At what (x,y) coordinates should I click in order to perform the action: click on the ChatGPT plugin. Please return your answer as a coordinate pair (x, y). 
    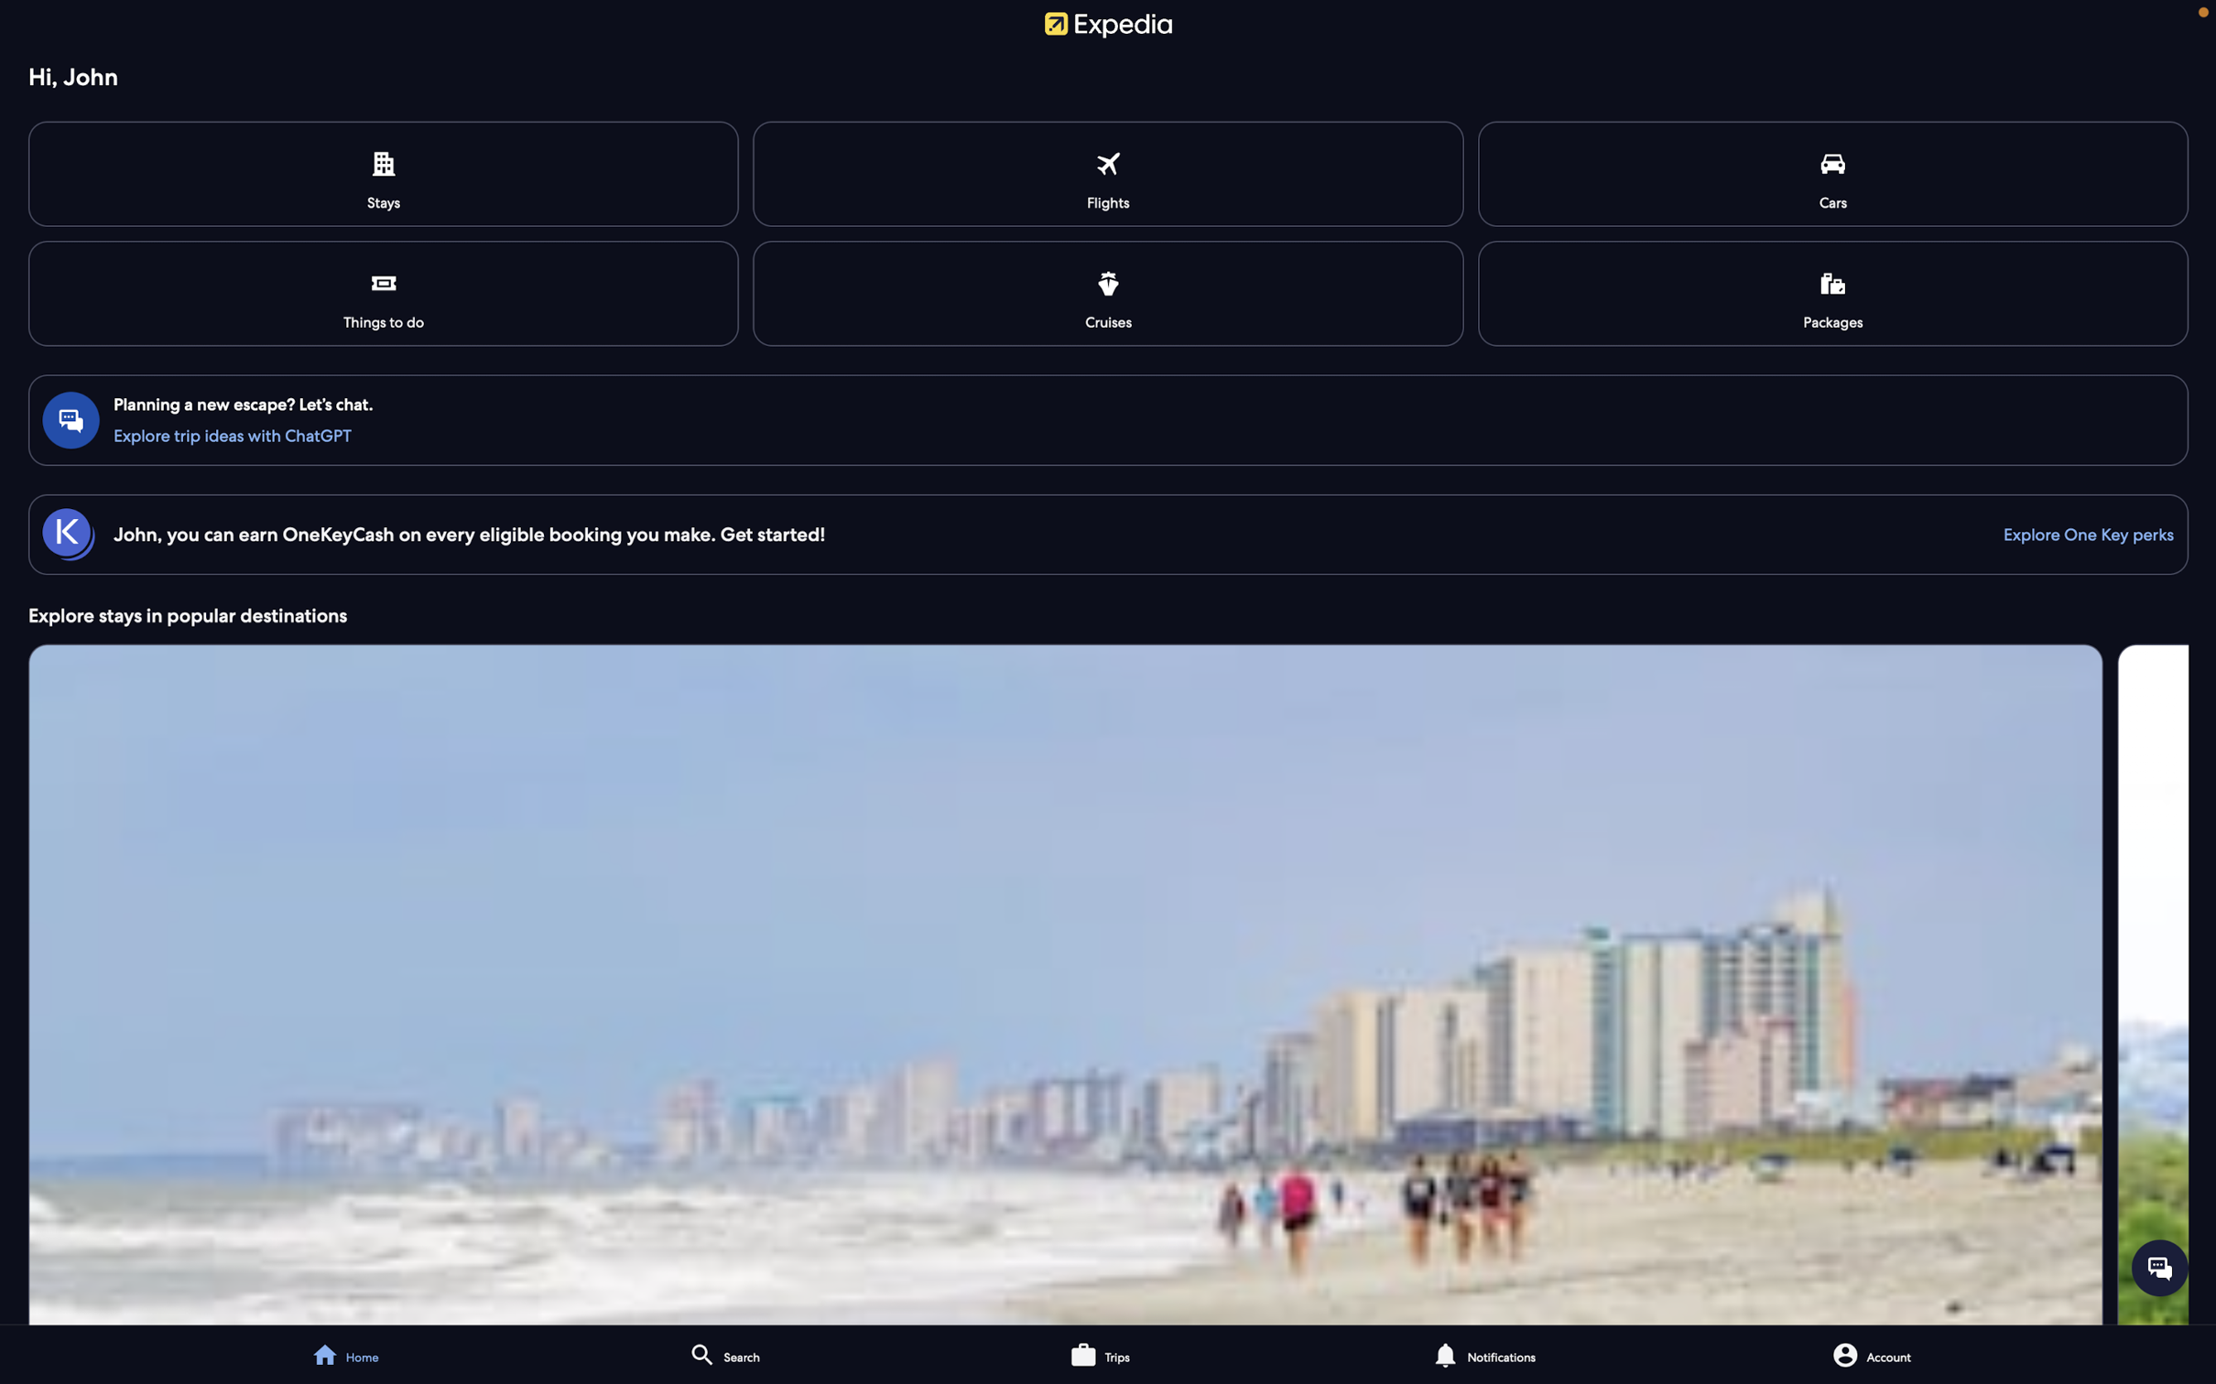
    Looking at the image, I should click on (1110, 433).